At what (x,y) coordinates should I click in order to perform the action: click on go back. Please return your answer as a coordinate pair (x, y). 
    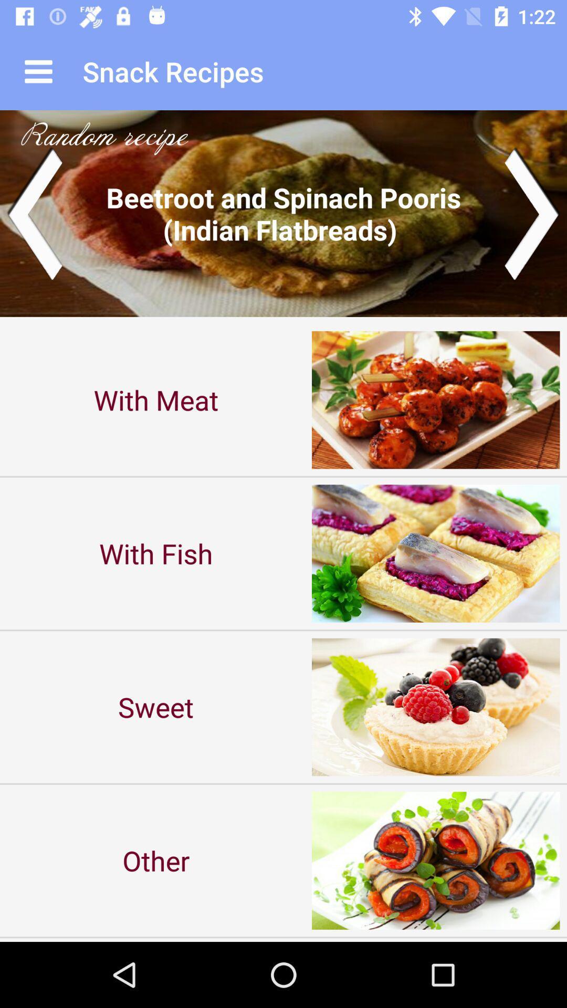
    Looking at the image, I should click on (34, 213).